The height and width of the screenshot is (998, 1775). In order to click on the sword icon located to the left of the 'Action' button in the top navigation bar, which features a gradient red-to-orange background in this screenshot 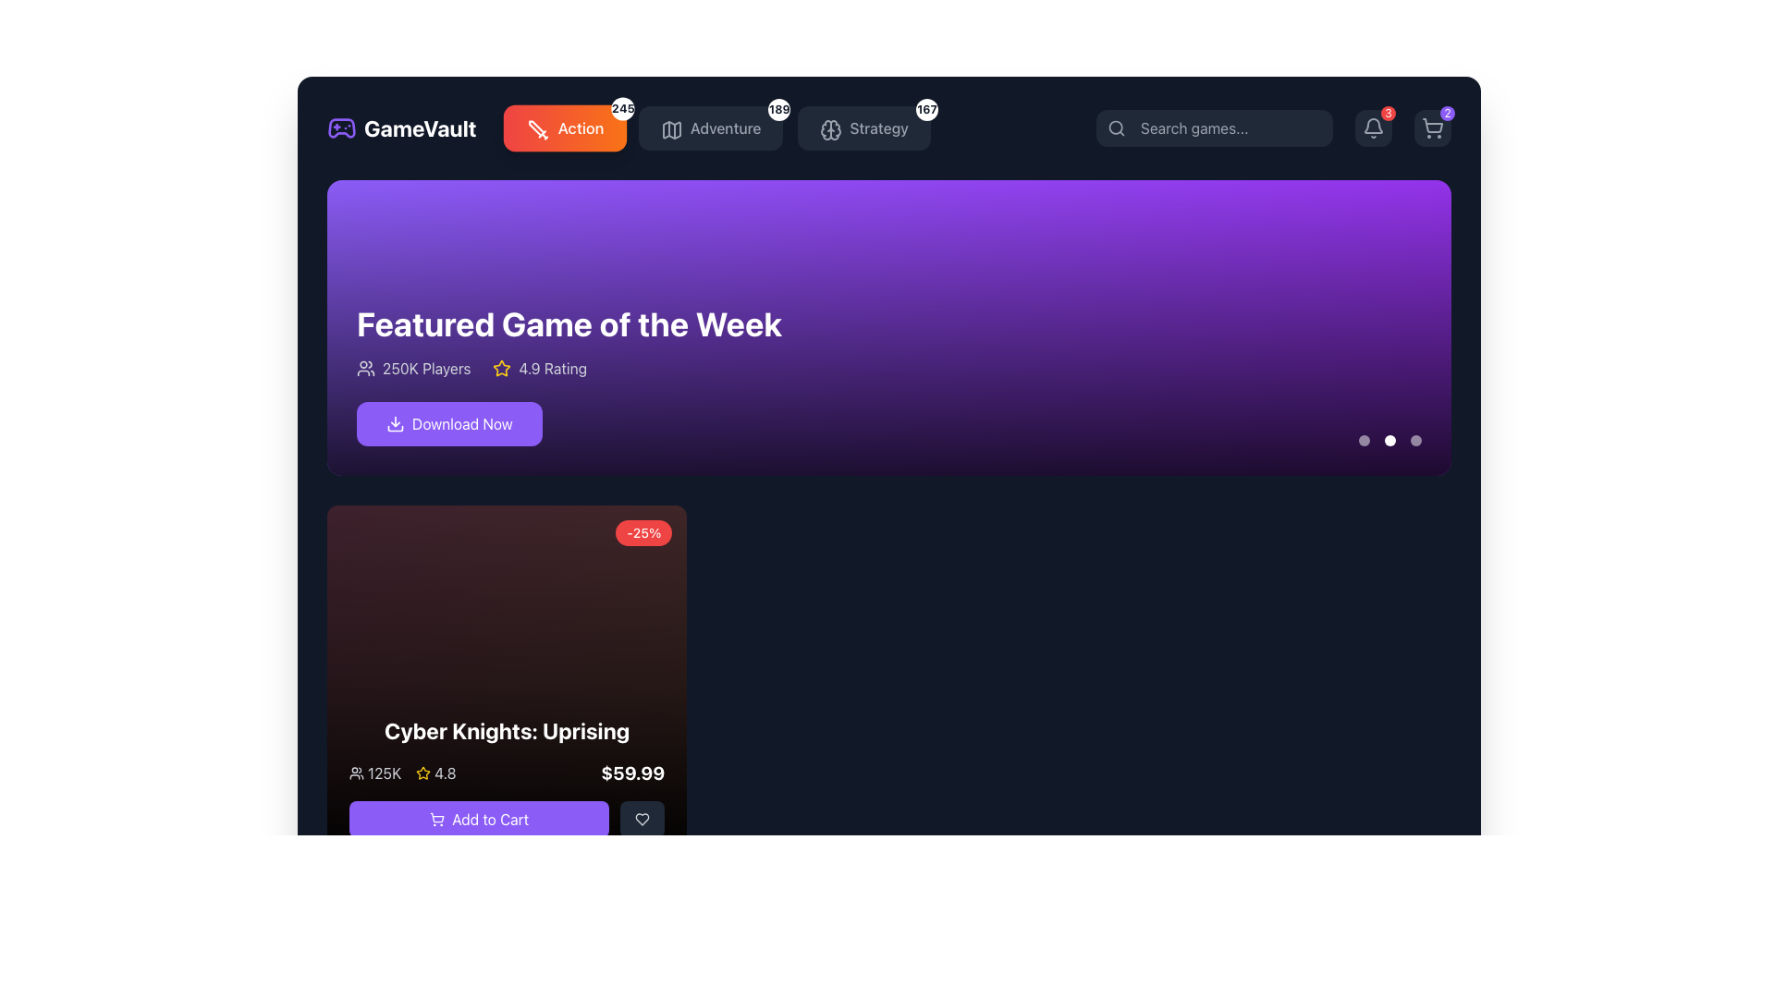, I will do `click(535, 127)`.